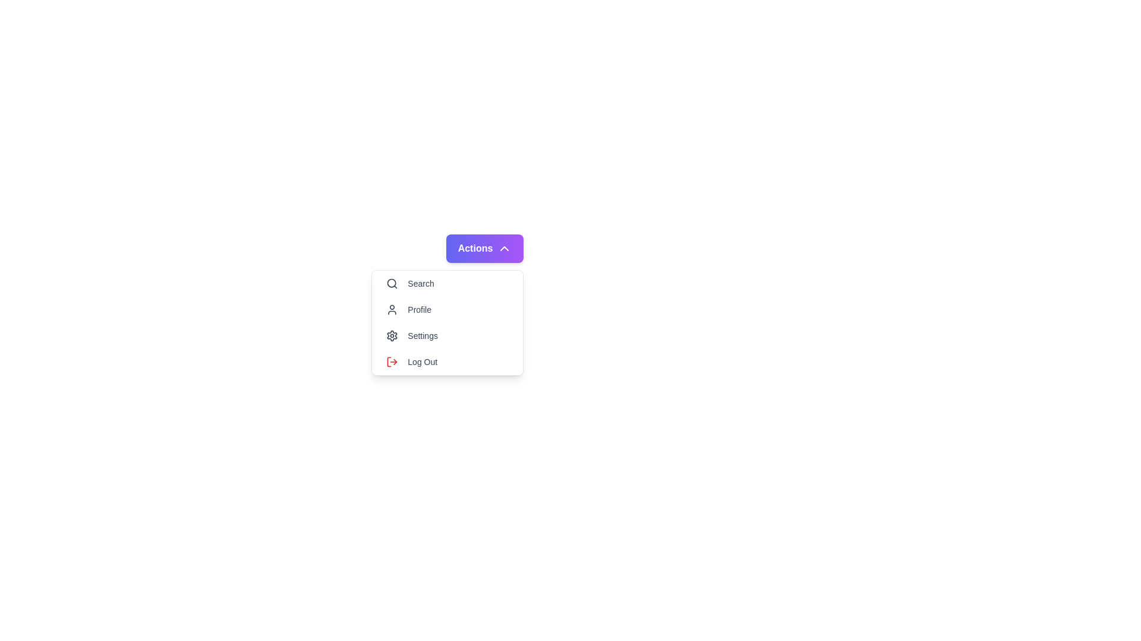 This screenshot has height=641, width=1141. Describe the element at coordinates (505, 248) in the screenshot. I see `the chevron icon next to the 'Actions' button` at that location.